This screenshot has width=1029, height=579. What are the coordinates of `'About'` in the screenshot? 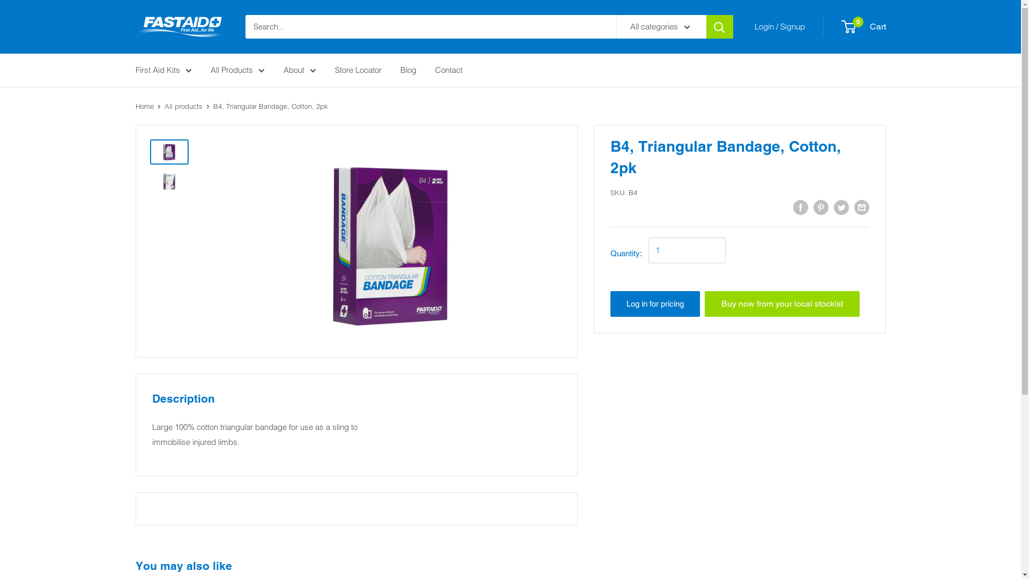 It's located at (299, 70).